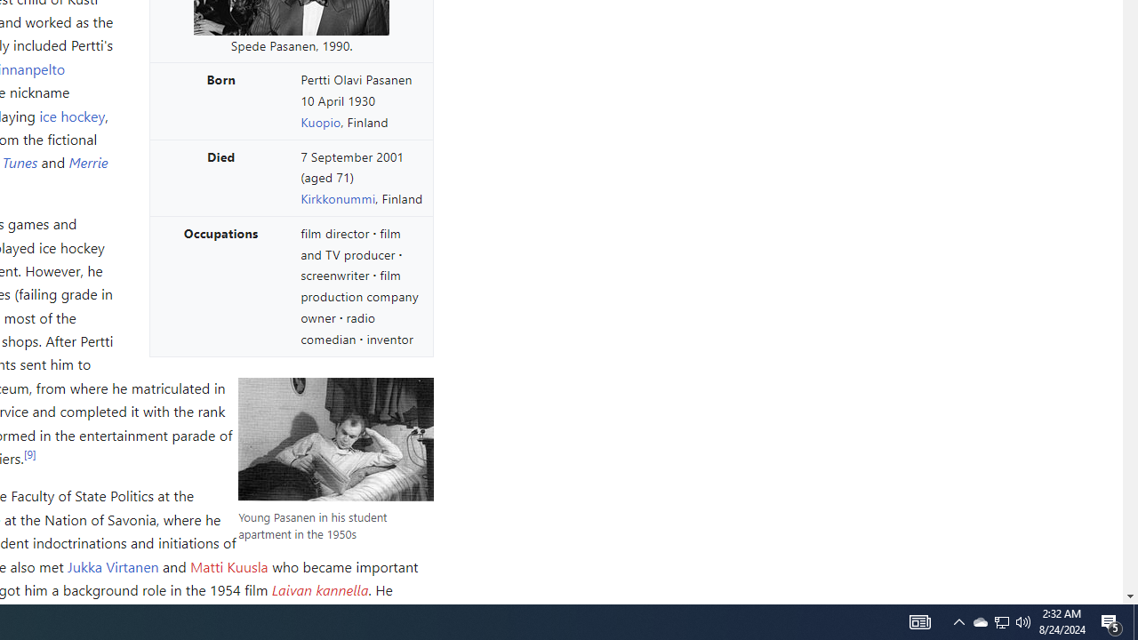 Image resolution: width=1138 pixels, height=640 pixels. What do you see at coordinates (112, 565) in the screenshot?
I see `'Jukka Virtanen'` at bounding box center [112, 565].